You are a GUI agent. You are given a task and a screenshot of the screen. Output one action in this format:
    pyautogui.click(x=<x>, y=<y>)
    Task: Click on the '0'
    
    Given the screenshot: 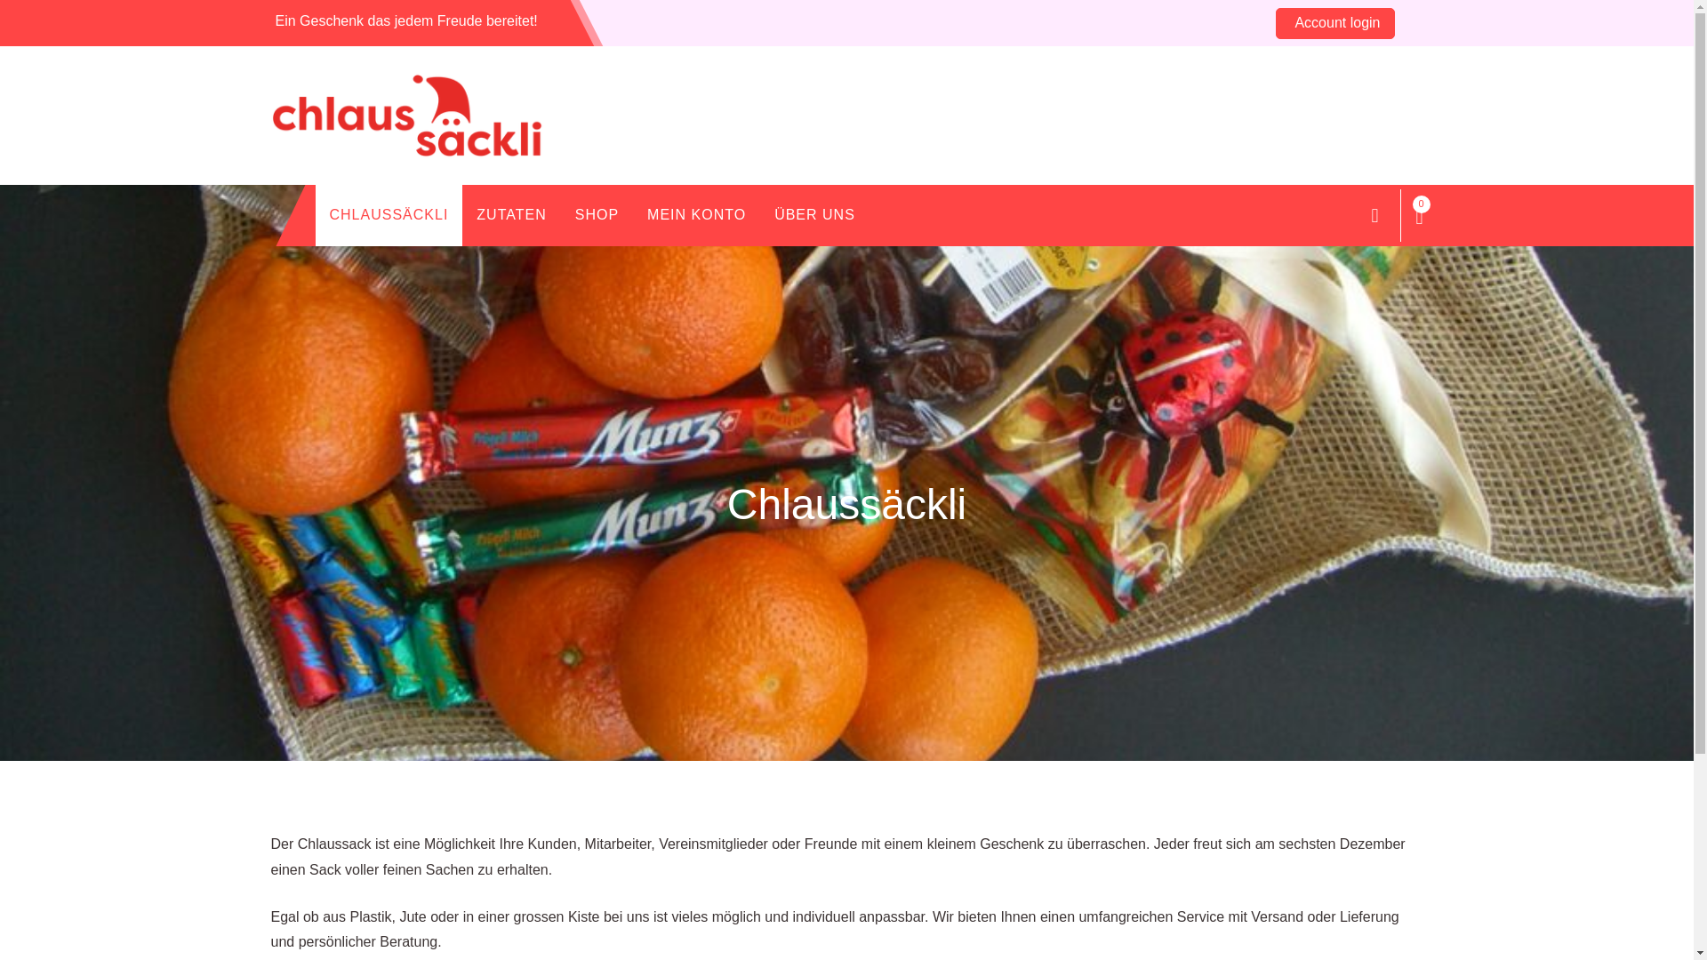 What is the action you would take?
    pyautogui.click(x=1418, y=214)
    